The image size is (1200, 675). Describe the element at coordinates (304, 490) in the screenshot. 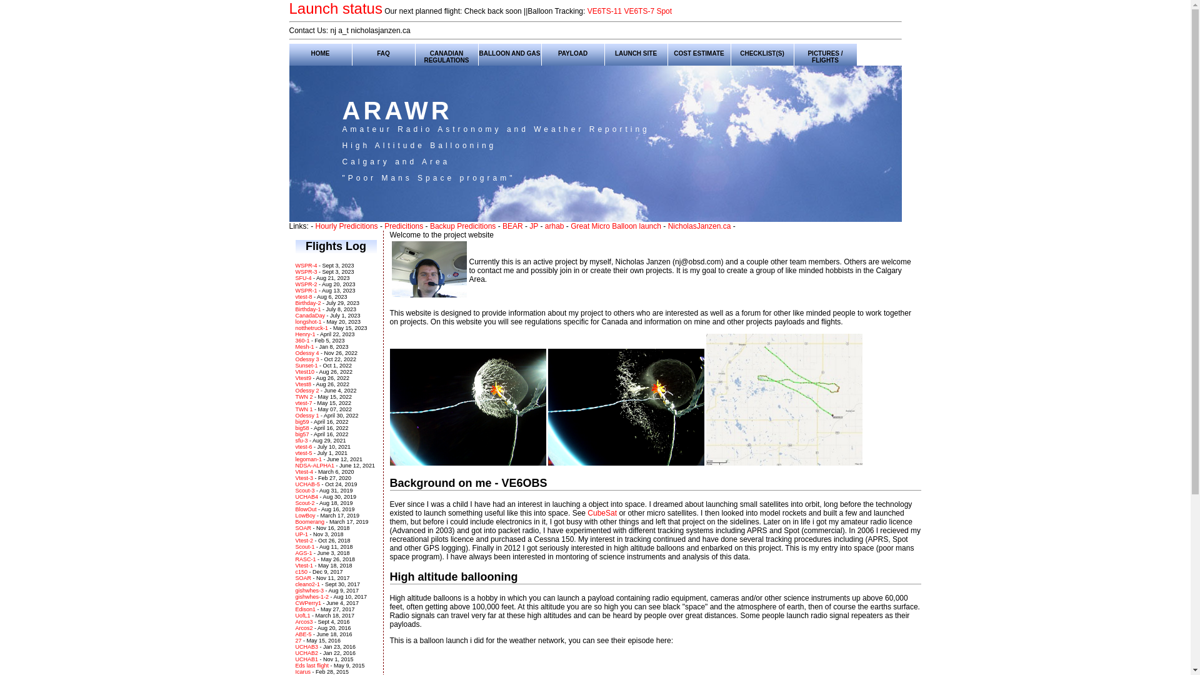

I see `'Scout-3'` at that location.